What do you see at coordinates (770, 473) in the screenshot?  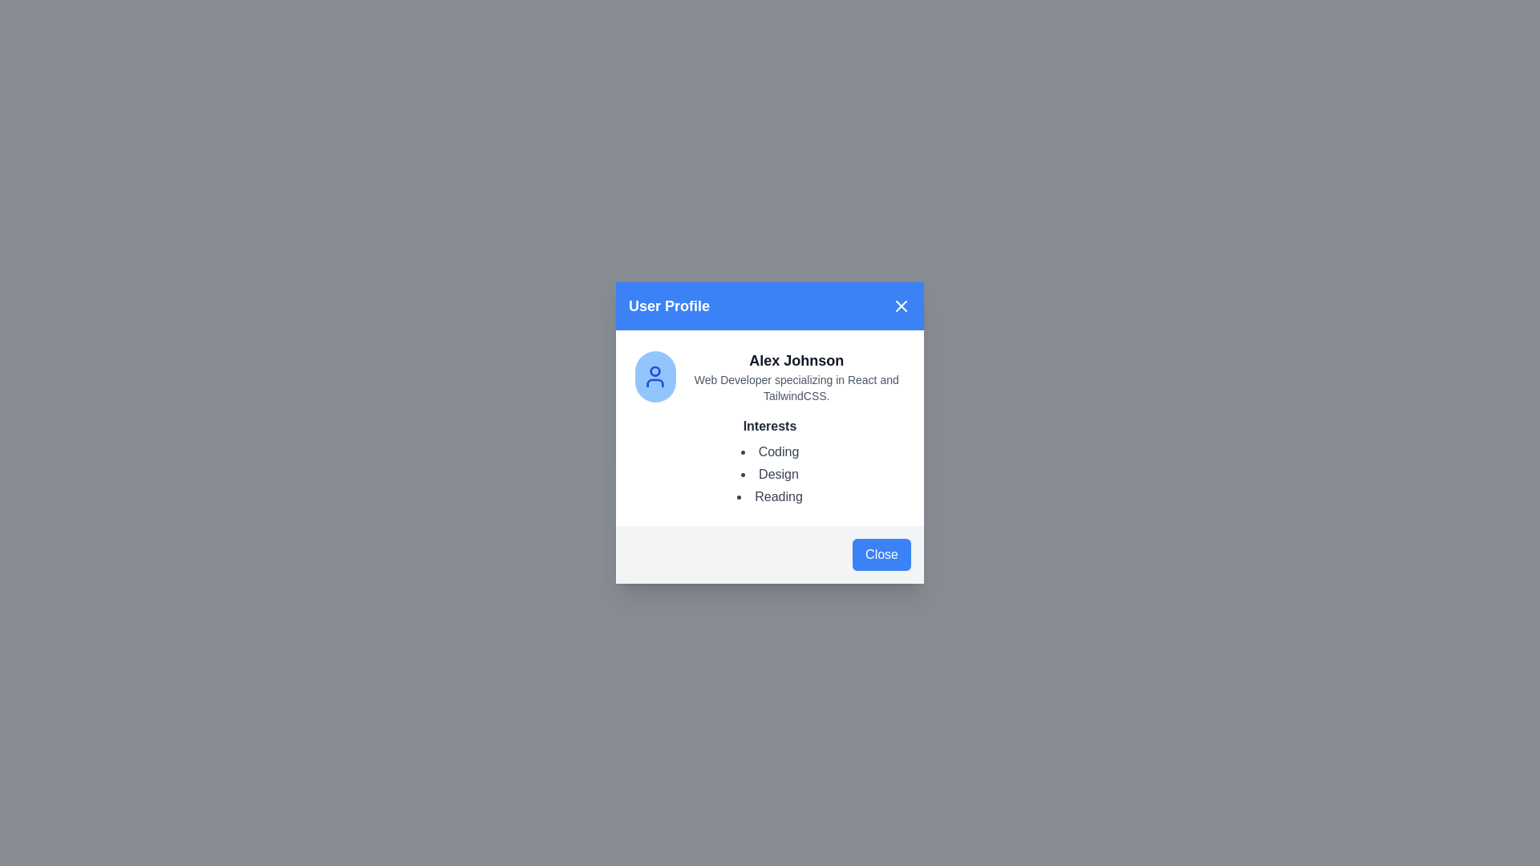 I see `the Unordered List displaying user interests, located in the 'User Profile' modal under the 'Interests' heading` at bounding box center [770, 473].